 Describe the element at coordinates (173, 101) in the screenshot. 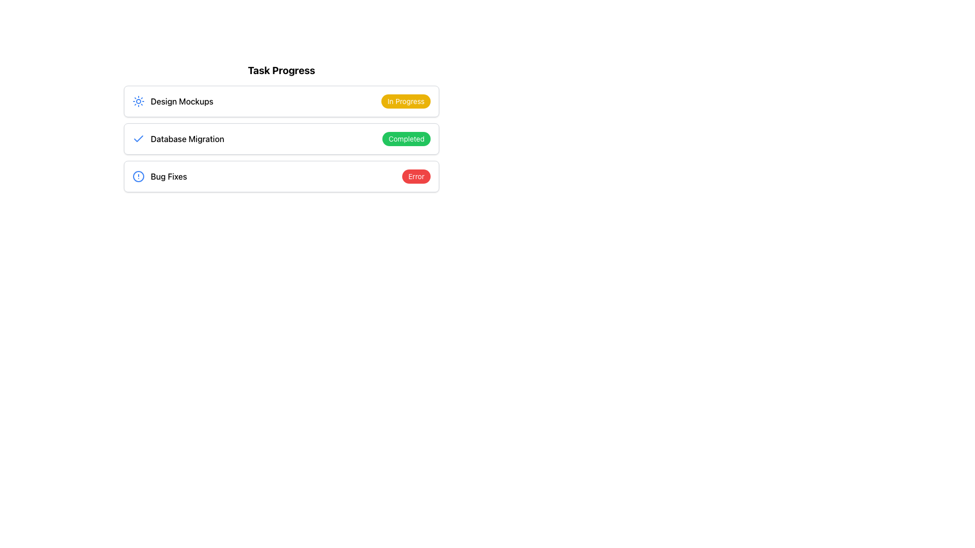

I see `the Text Label displaying 'Design Mockups', which is located in the first row of the task list, next to a blue circular icon resembling a sunburst` at that location.